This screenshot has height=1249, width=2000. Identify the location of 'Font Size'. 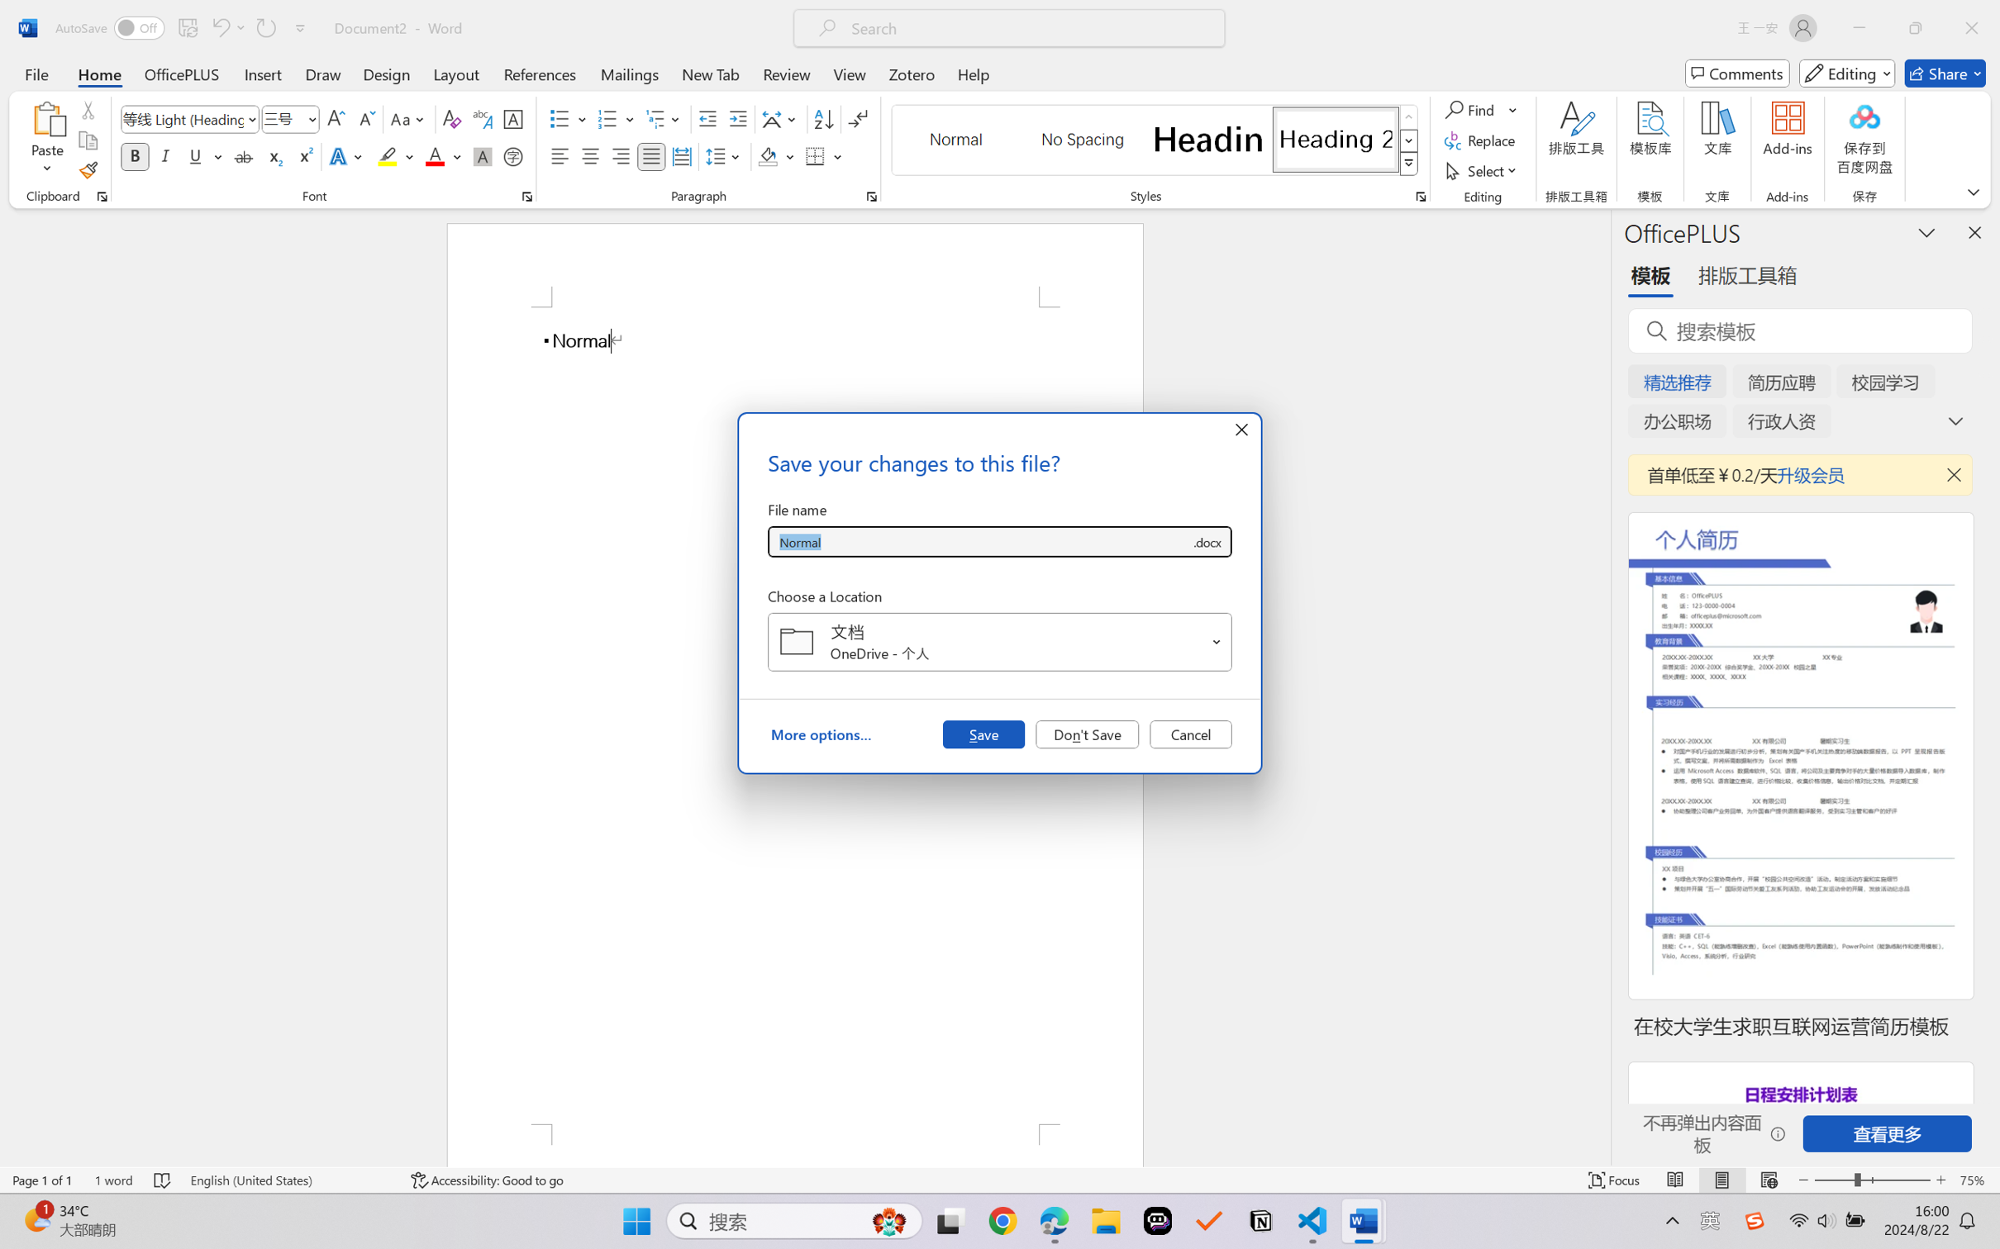
(290, 119).